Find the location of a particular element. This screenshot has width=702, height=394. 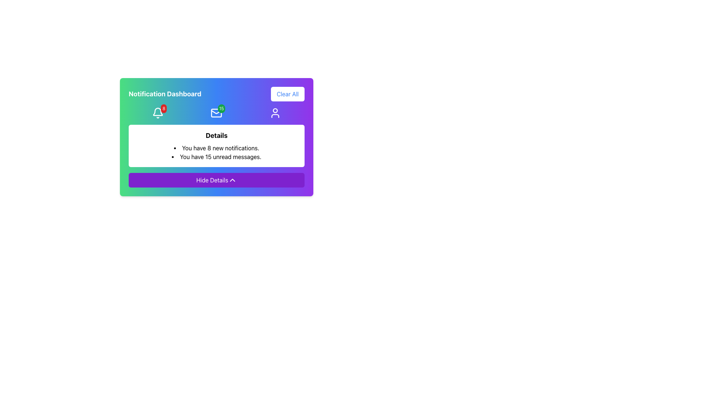

text element that is embedded within a button, which represents the action to hide displayed details, located at the center of the purple rectangular area at the bottom of the interface is located at coordinates (212, 180).